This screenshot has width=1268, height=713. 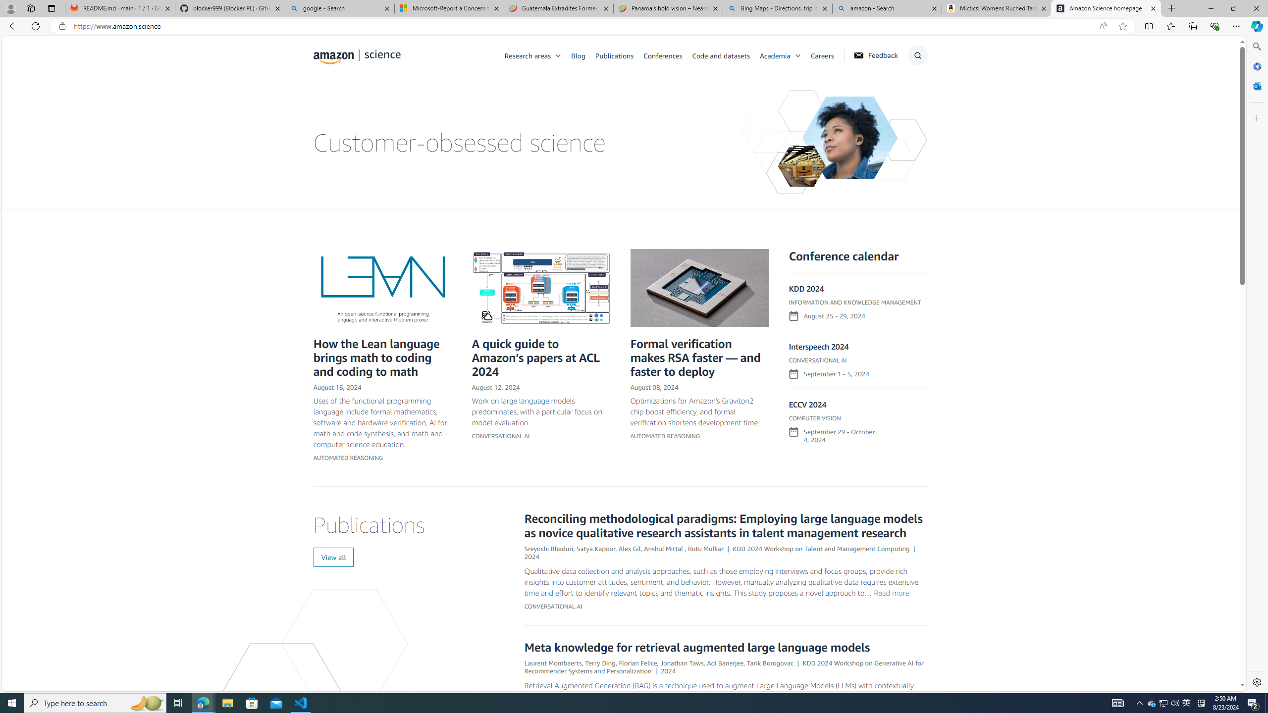 What do you see at coordinates (814, 417) in the screenshot?
I see `'COMPUTER VISION'` at bounding box center [814, 417].